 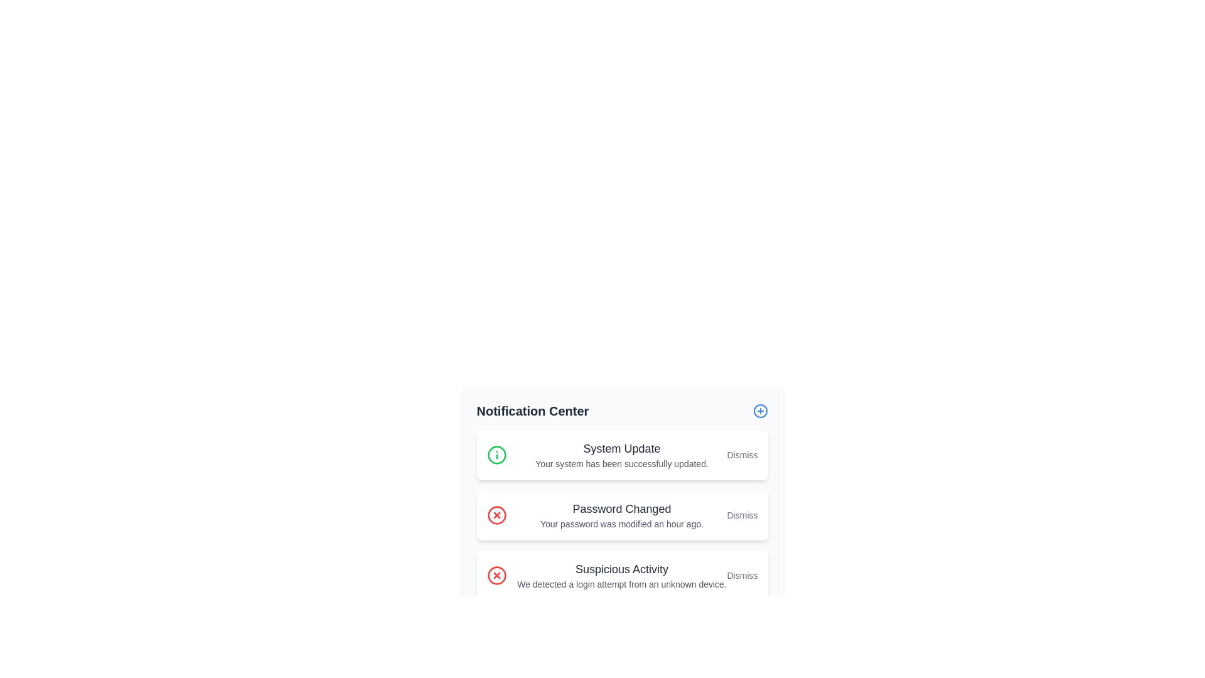 What do you see at coordinates (496, 455) in the screenshot?
I see `the circular green outlined icon containing an information symbol to acknowledge the status of the 'System Update' notification` at bounding box center [496, 455].